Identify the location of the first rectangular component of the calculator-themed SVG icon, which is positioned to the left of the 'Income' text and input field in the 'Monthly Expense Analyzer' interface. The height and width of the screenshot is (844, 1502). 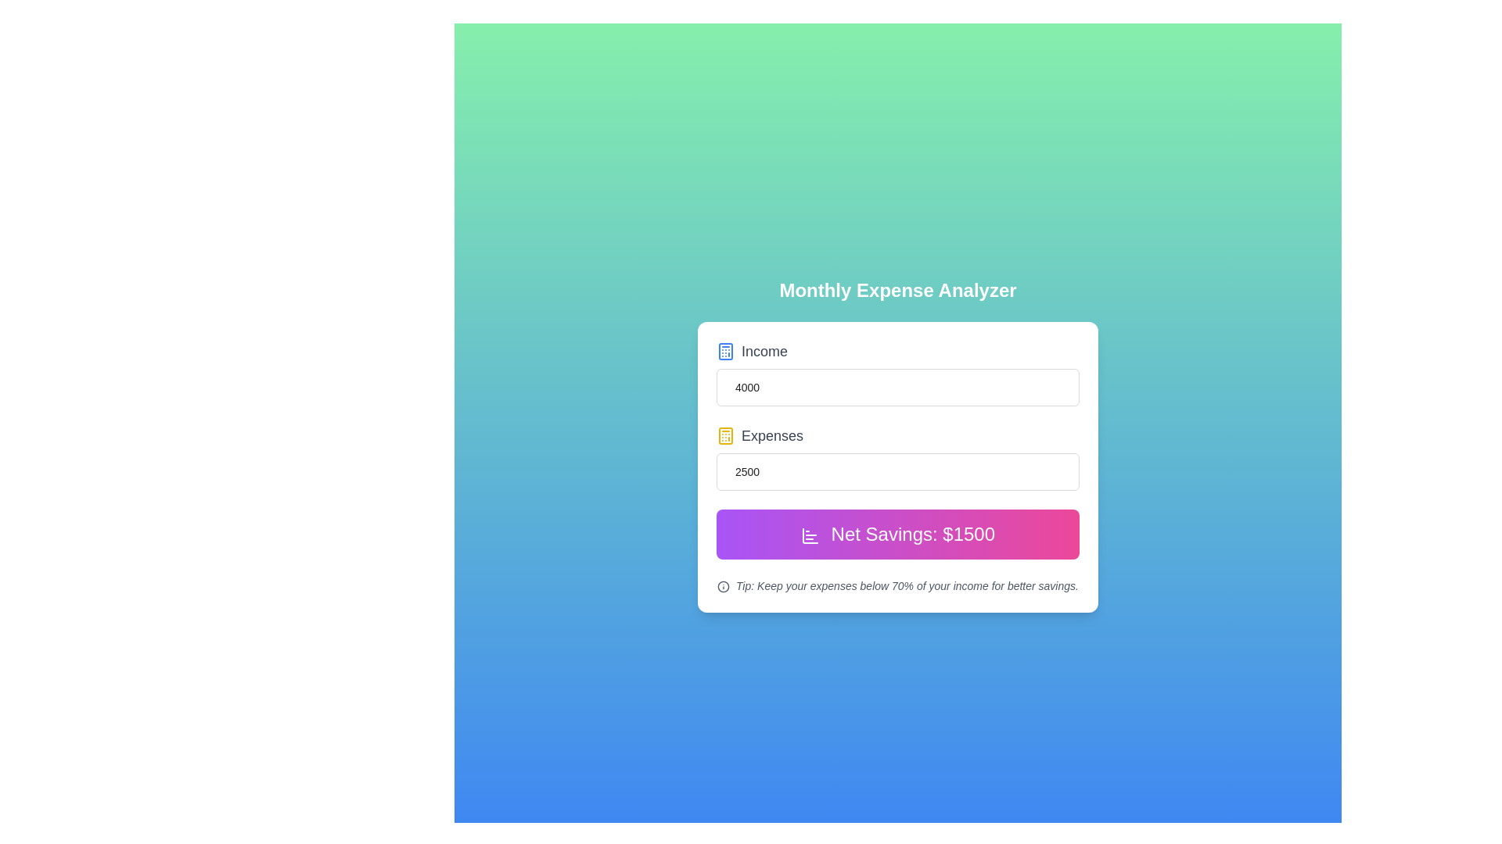
(724, 352).